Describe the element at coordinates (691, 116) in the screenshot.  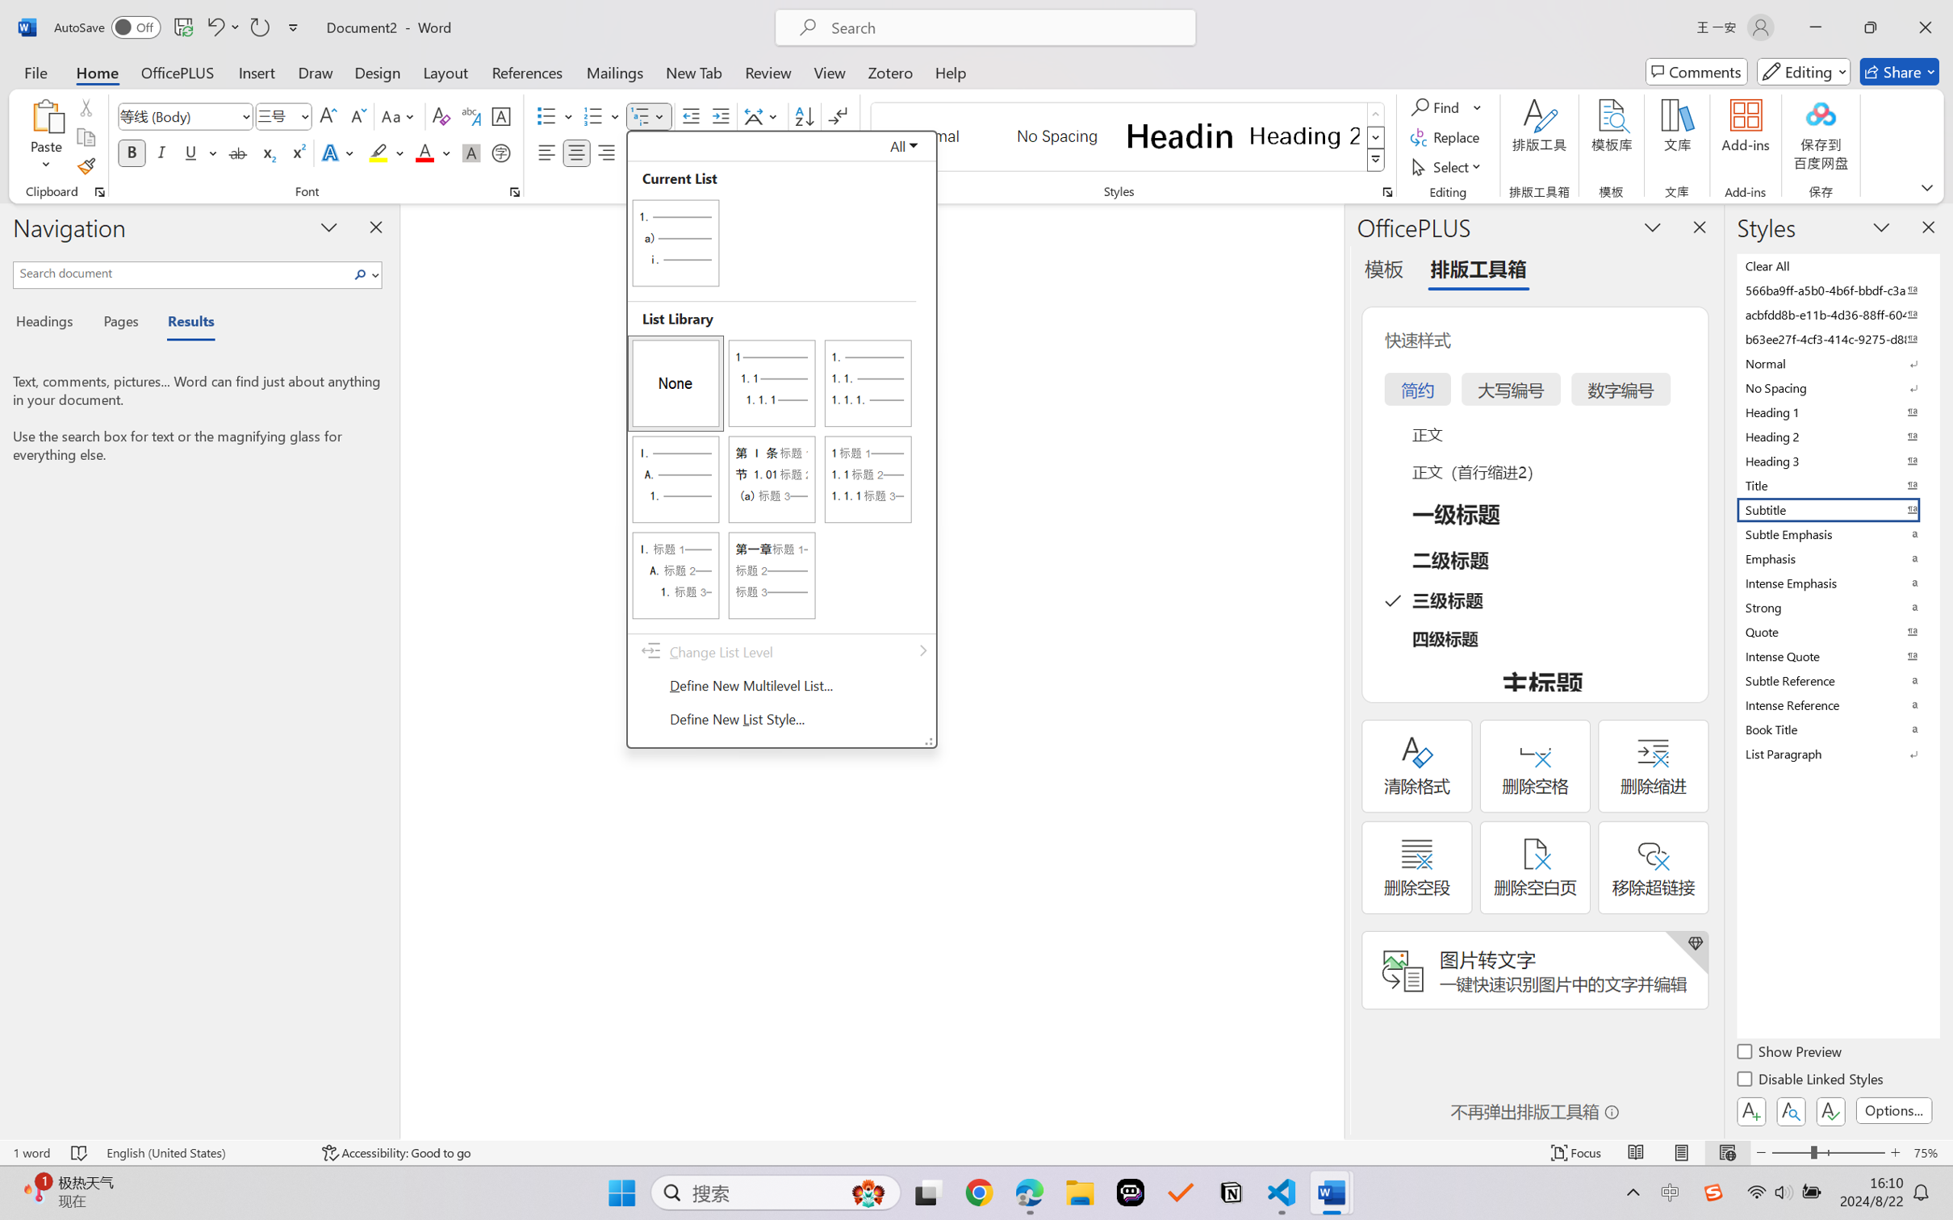
I see `'Decrease Indent'` at that location.